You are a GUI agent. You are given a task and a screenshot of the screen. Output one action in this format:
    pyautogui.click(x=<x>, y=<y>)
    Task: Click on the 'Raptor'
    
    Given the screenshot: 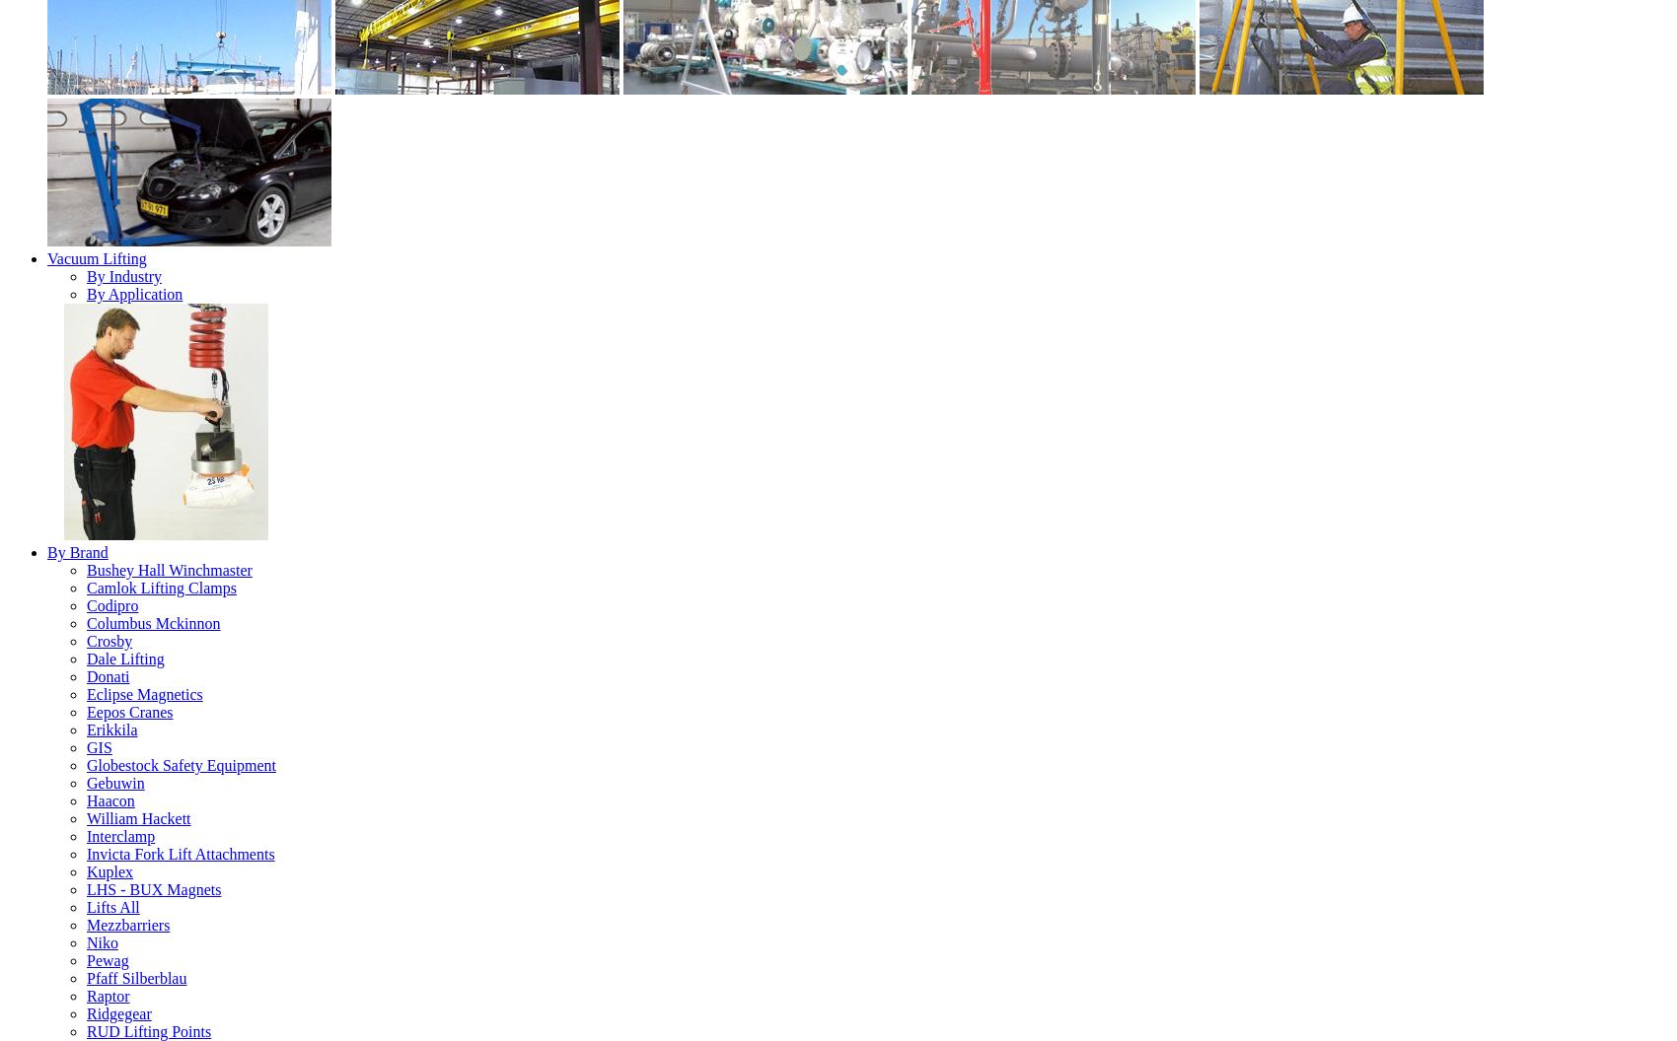 What is the action you would take?
    pyautogui.click(x=107, y=994)
    